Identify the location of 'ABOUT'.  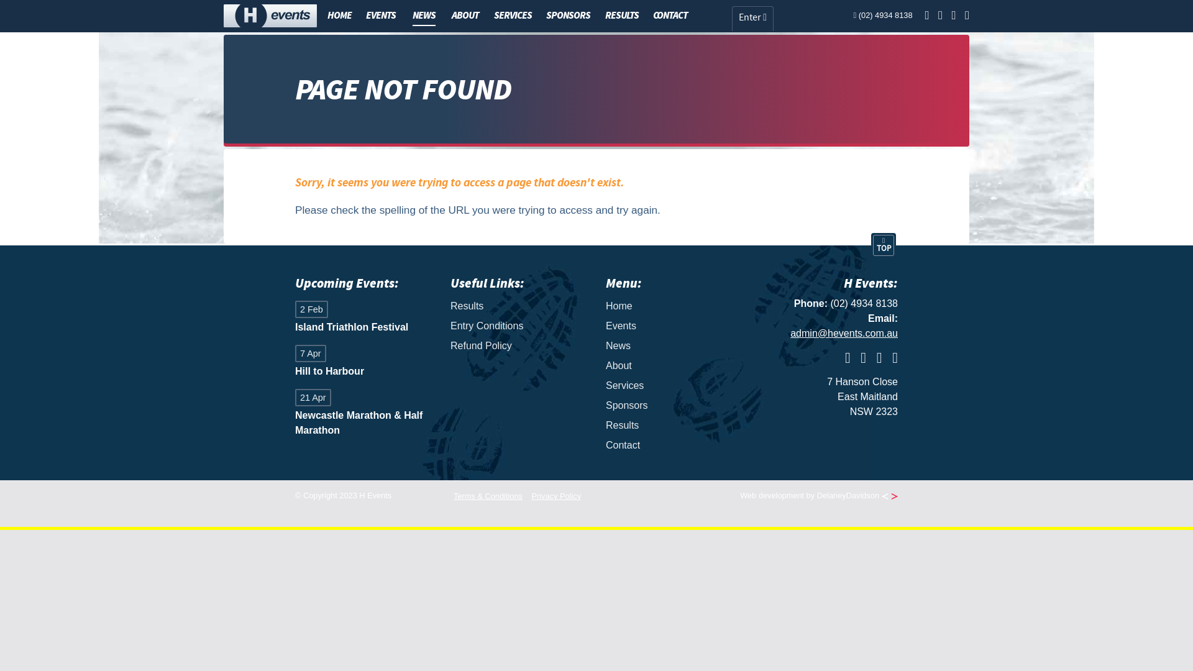
(464, 15).